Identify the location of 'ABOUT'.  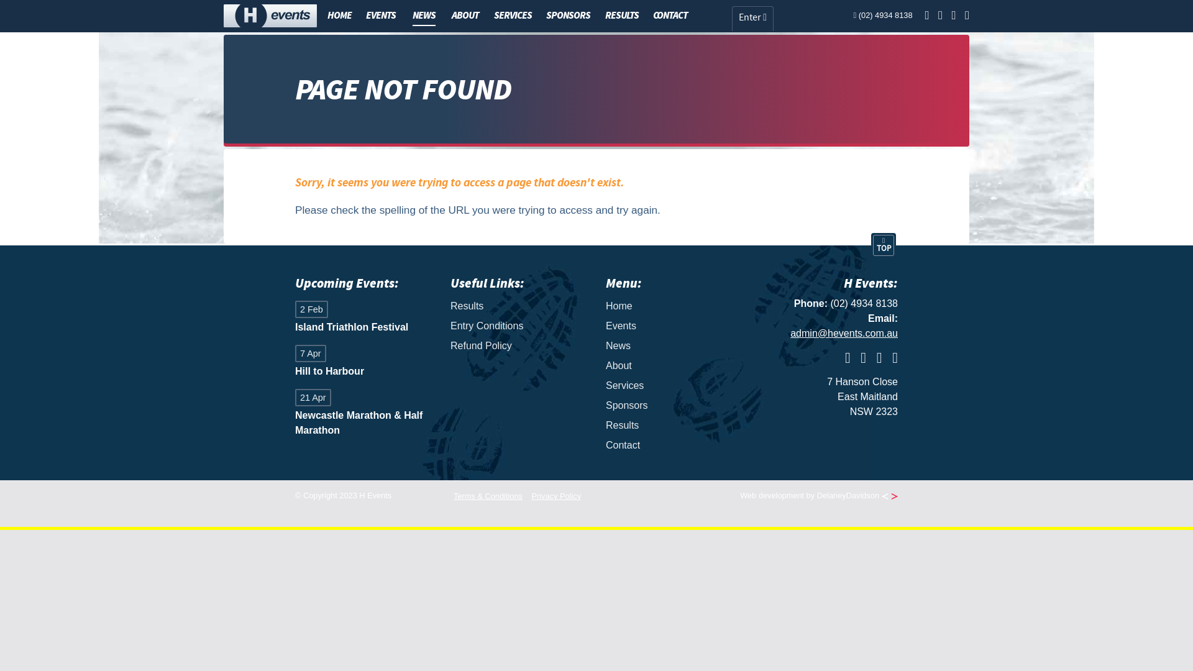
(464, 15).